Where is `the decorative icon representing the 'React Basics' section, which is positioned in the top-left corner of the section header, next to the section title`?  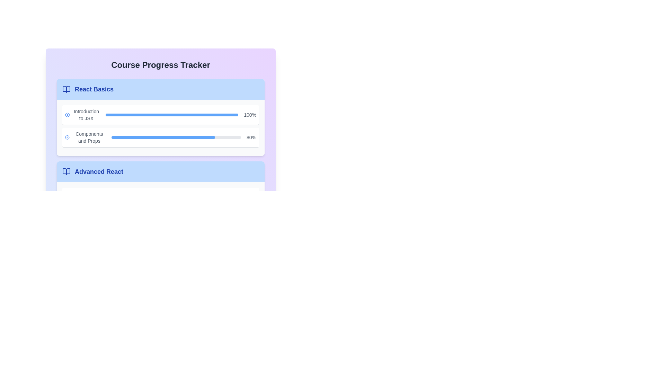
the decorative icon representing the 'React Basics' section, which is positioned in the top-left corner of the section header, next to the section title is located at coordinates (66, 89).